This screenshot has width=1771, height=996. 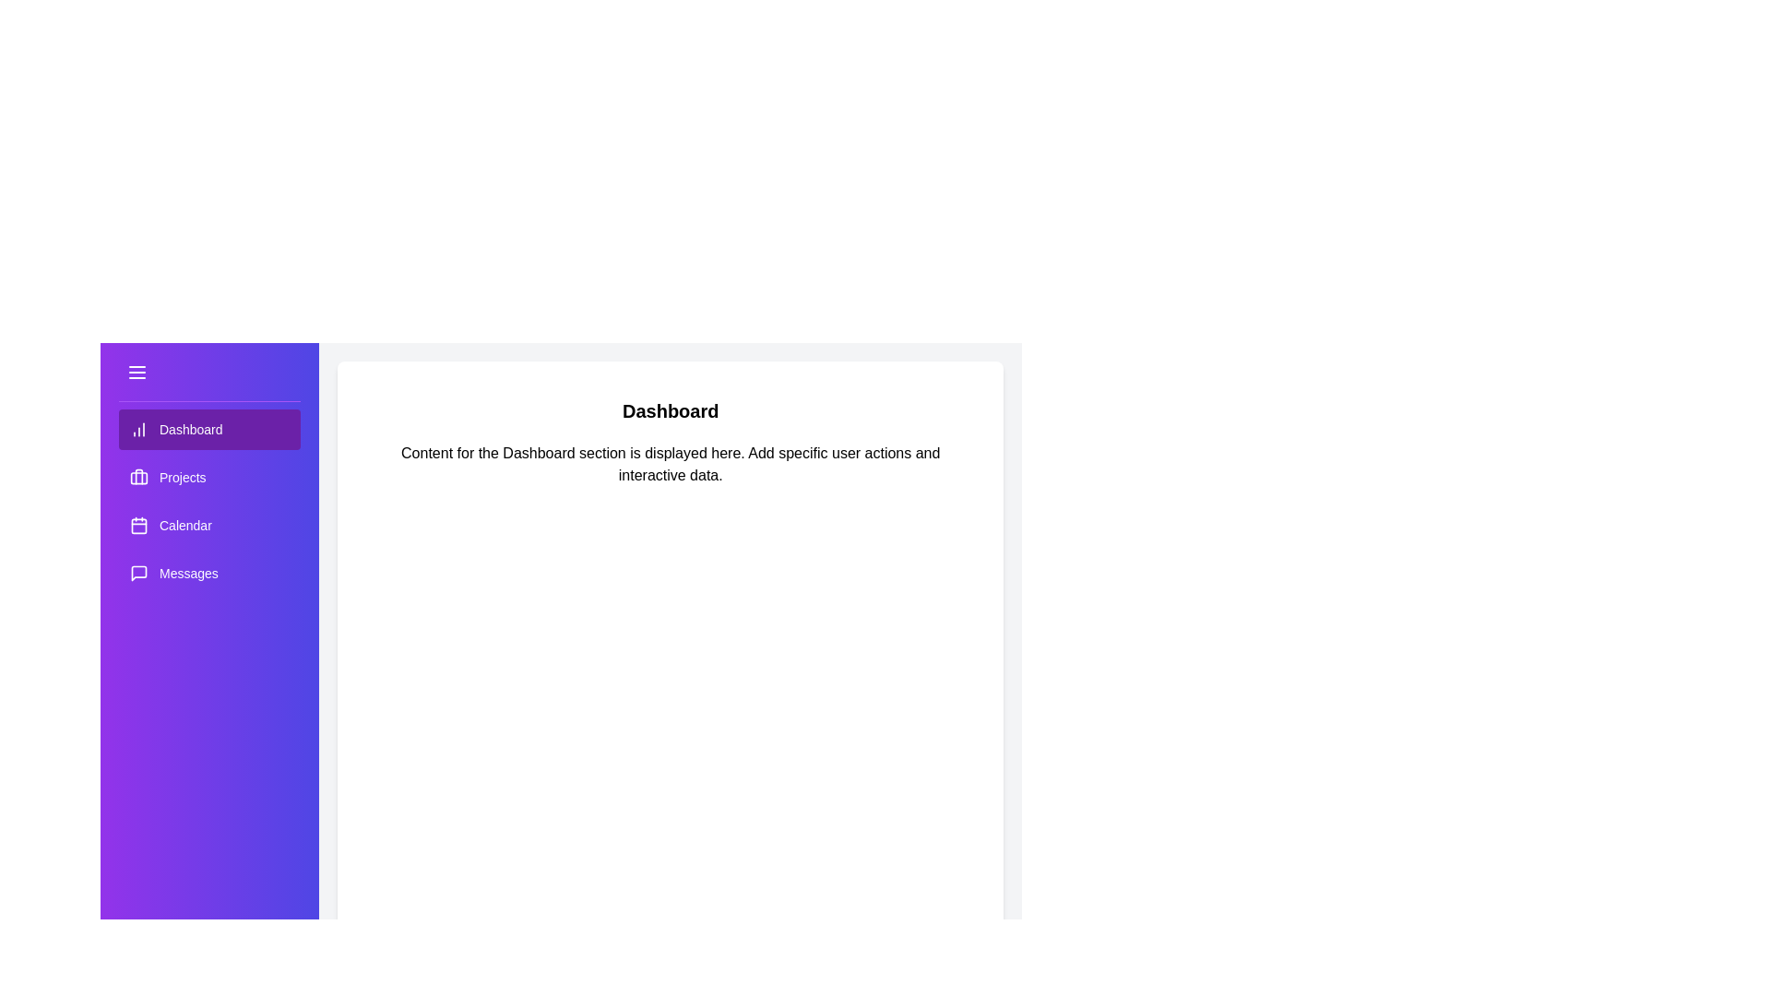 What do you see at coordinates (208, 526) in the screenshot?
I see `the menu item Calendar to highlight it` at bounding box center [208, 526].